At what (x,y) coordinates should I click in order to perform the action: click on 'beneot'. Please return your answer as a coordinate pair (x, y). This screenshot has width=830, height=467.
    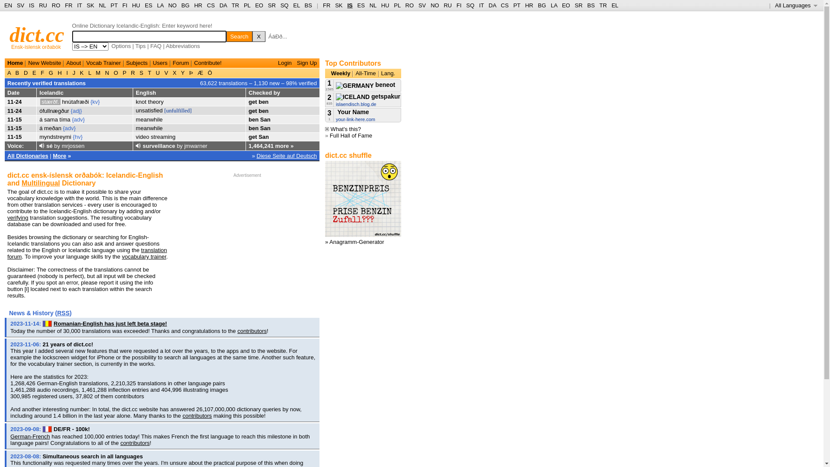
    Looking at the image, I should click on (365, 85).